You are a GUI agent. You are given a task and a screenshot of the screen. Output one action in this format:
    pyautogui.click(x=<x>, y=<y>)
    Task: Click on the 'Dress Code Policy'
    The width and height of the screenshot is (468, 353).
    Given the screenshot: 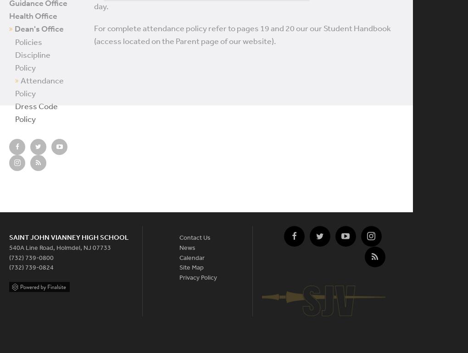 What is the action you would take?
    pyautogui.click(x=36, y=112)
    